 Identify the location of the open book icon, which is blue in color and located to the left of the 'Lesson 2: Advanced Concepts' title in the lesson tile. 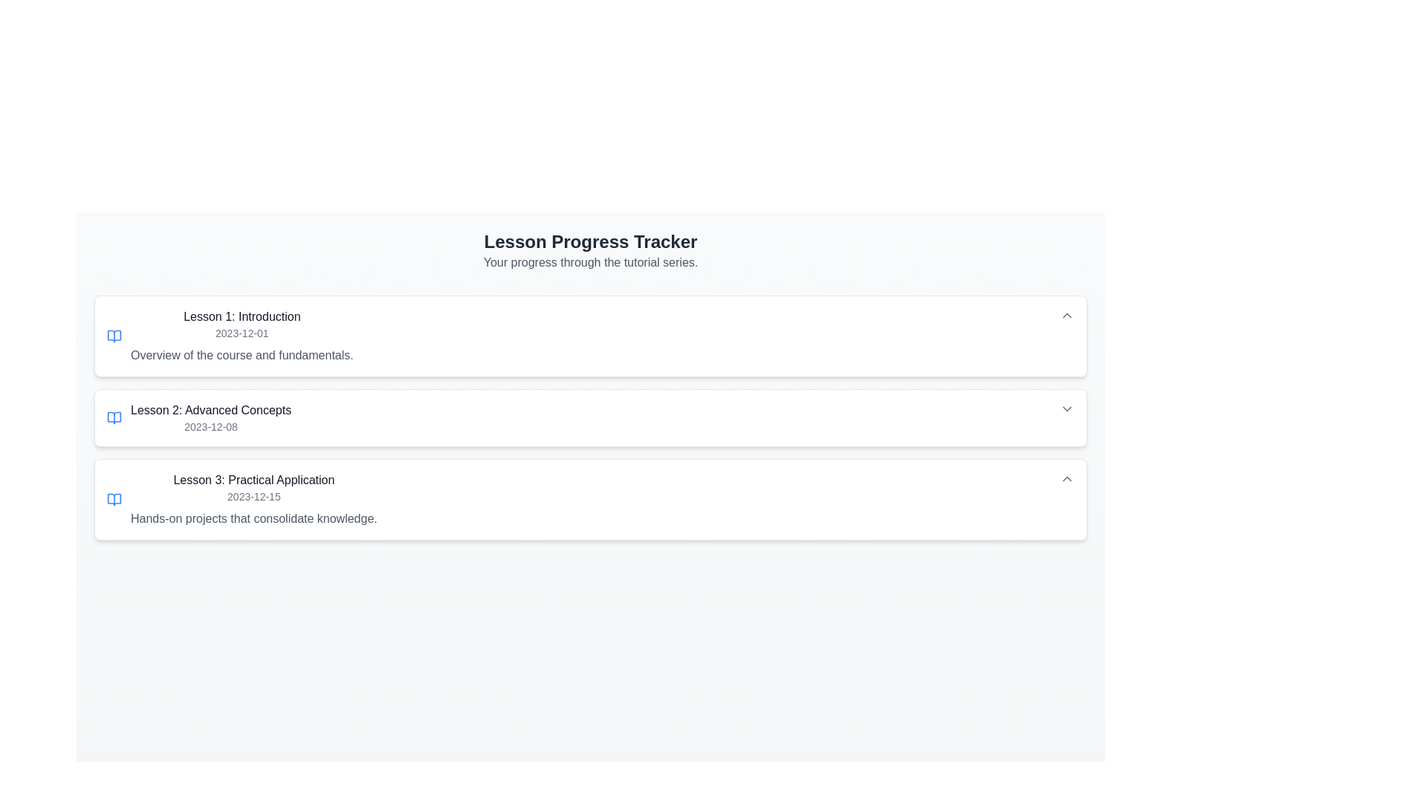
(113, 418).